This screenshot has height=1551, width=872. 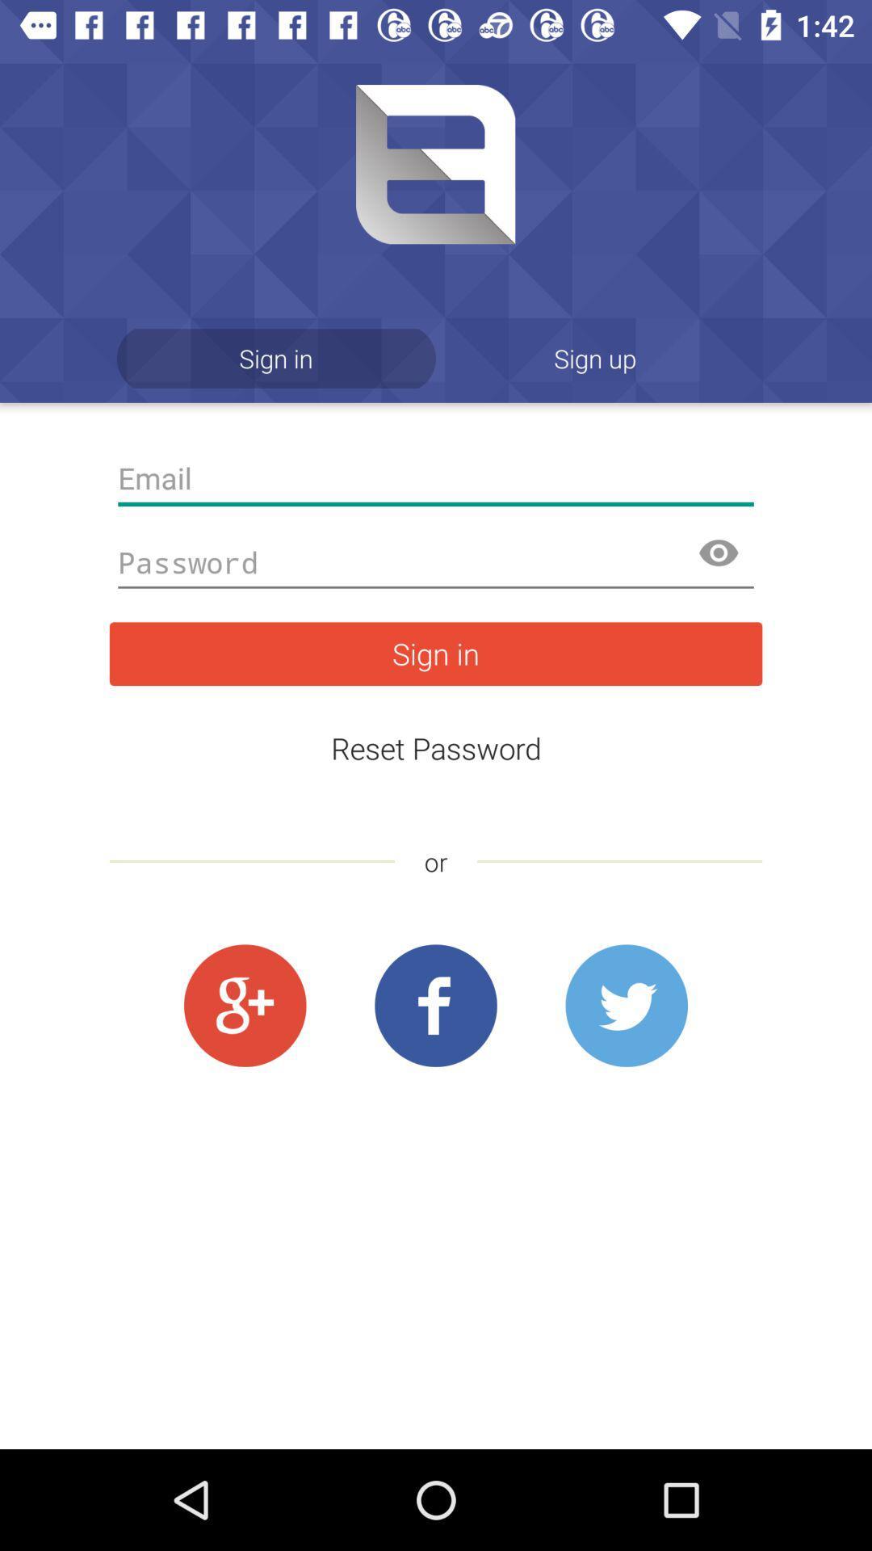 What do you see at coordinates (436, 563) in the screenshot?
I see `icon above the sign in icon` at bounding box center [436, 563].